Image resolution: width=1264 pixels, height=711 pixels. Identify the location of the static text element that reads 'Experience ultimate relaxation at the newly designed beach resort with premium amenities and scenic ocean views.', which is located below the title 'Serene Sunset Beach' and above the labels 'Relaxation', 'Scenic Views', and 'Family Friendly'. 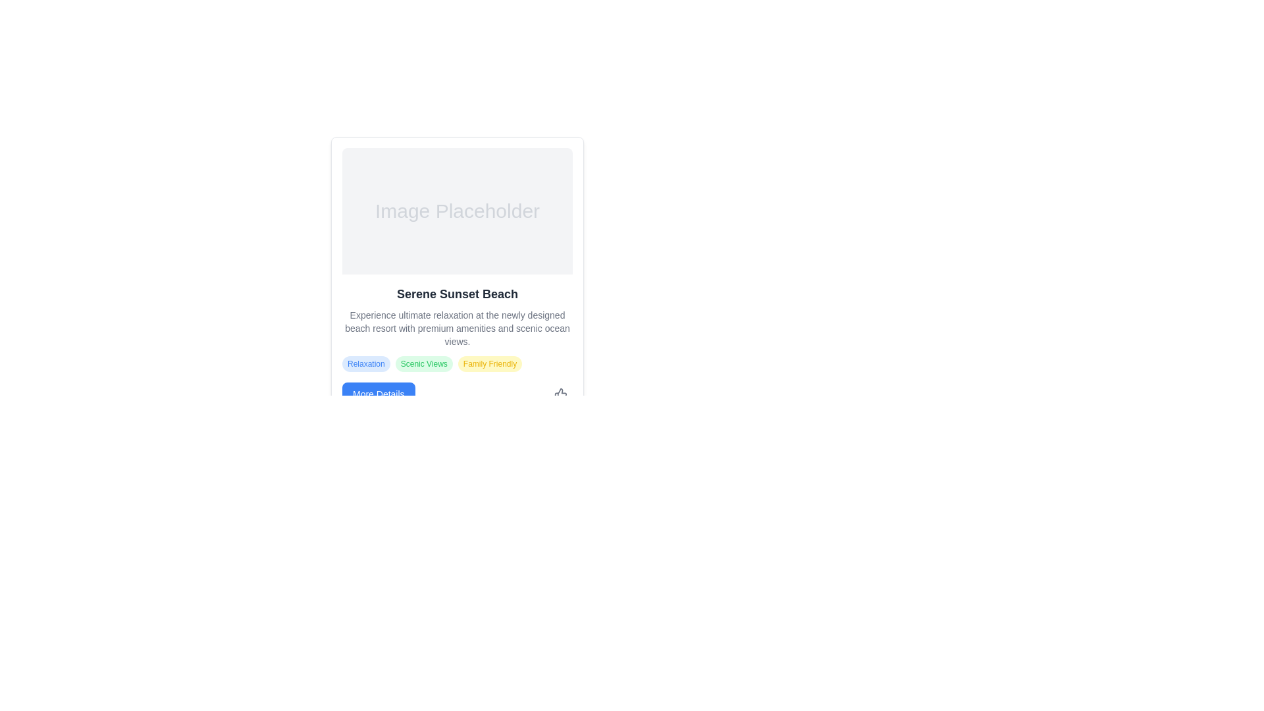
(458, 327).